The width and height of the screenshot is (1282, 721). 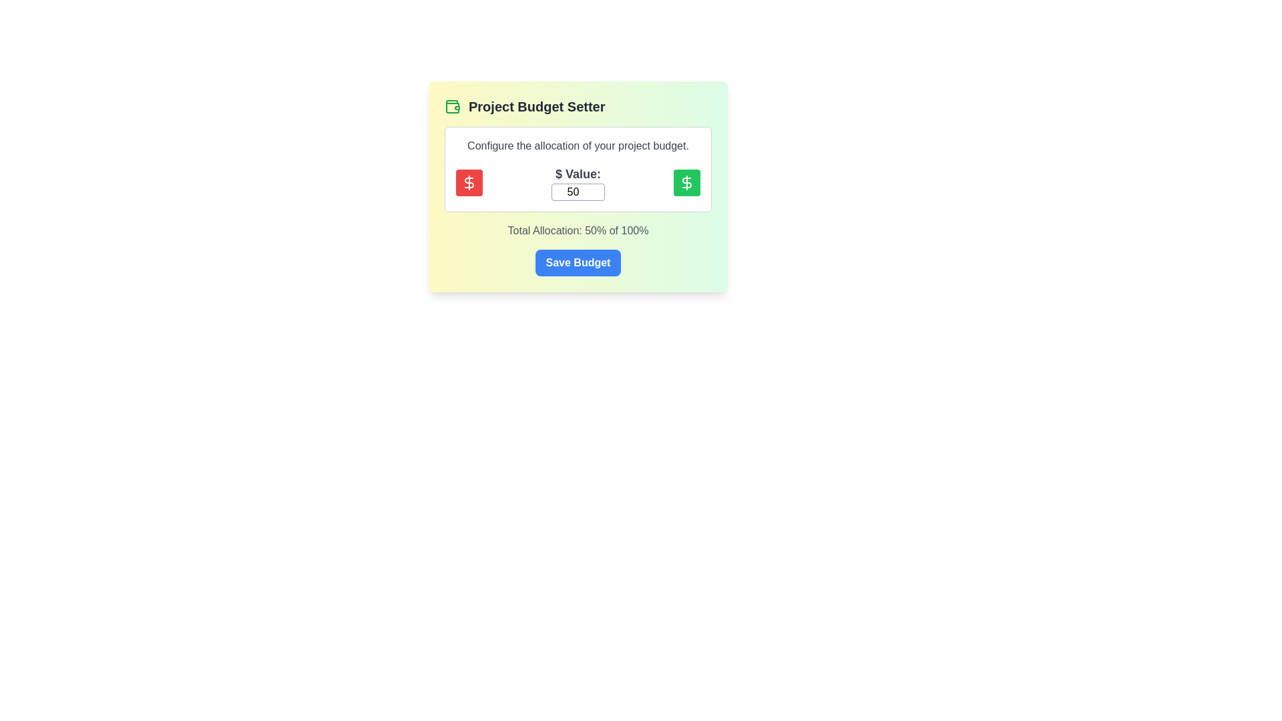 What do you see at coordinates (469, 182) in the screenshot?
I see `the subtract button located to the left of the numeric input box to decrease the displayed dollar amount` at bounding box center [469, 182].